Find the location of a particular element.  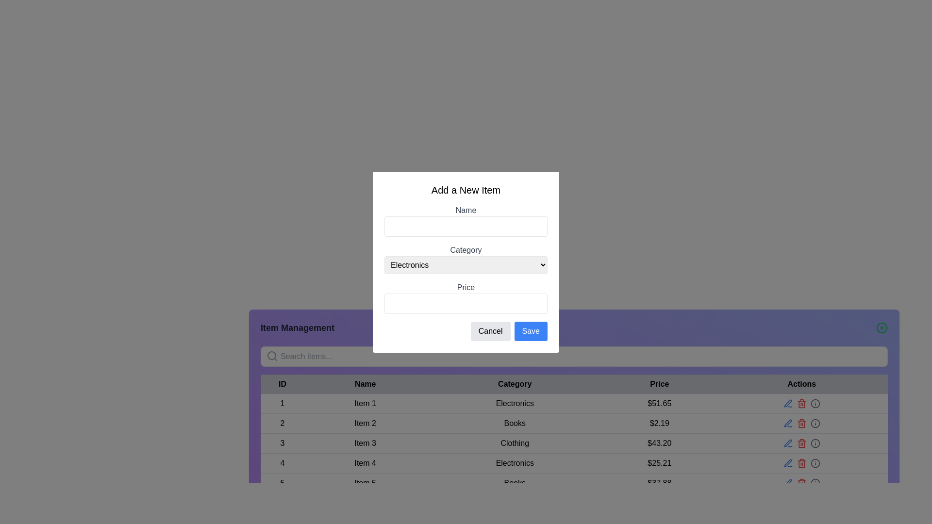

the 'Category' dropdown menu, which is the second input field in the form is located at coordinates (466, 258).